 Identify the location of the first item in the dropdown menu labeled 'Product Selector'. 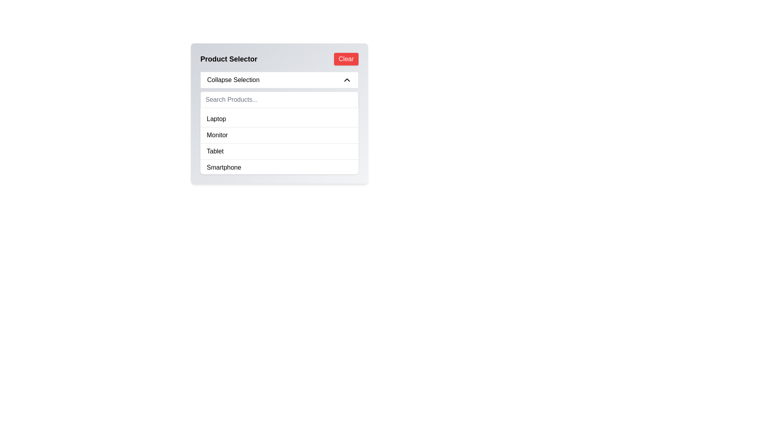
(216, 119).